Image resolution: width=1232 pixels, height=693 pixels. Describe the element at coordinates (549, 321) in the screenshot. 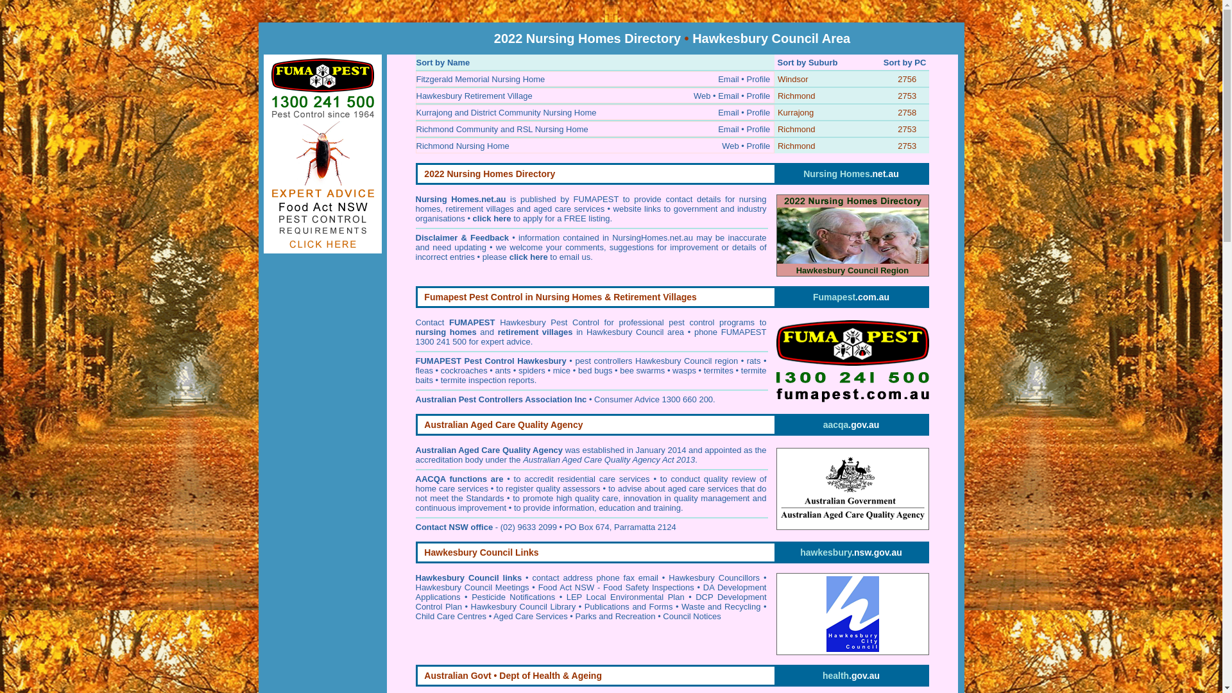

I see `'Hawkesbury Pest Control'` at that location.